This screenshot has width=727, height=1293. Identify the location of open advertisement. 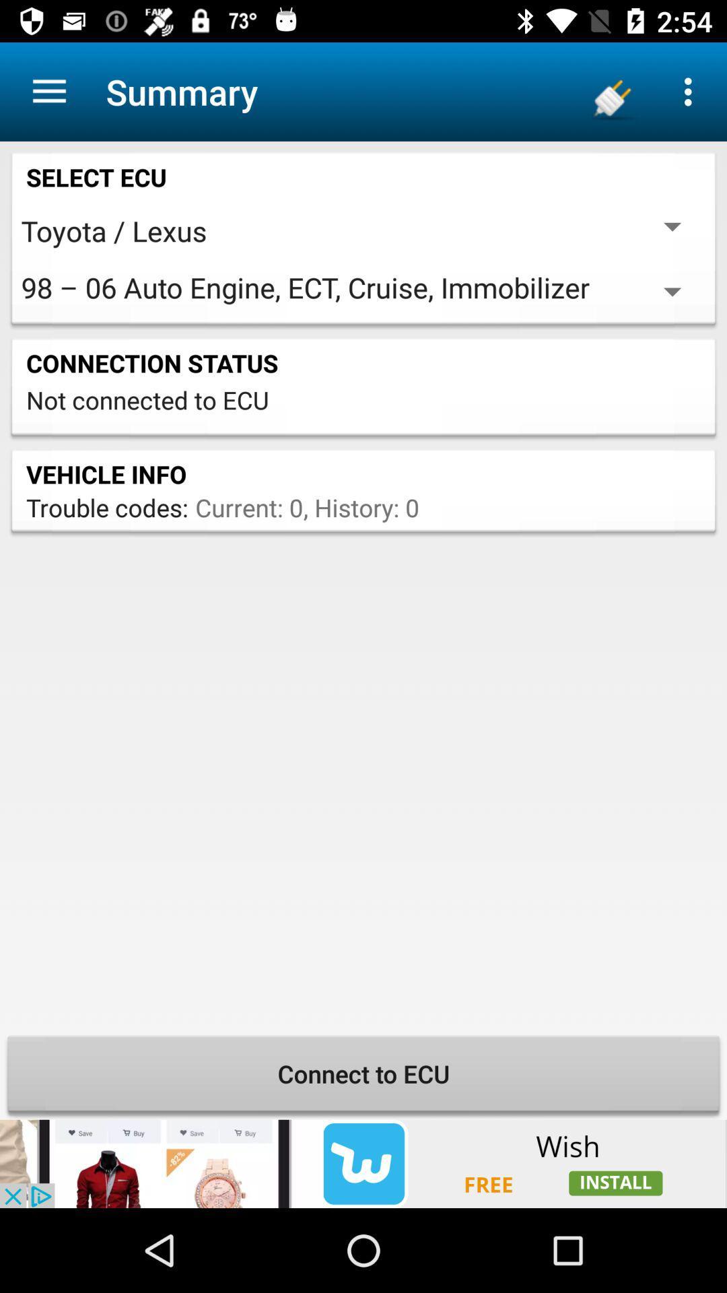
(363, 1163).